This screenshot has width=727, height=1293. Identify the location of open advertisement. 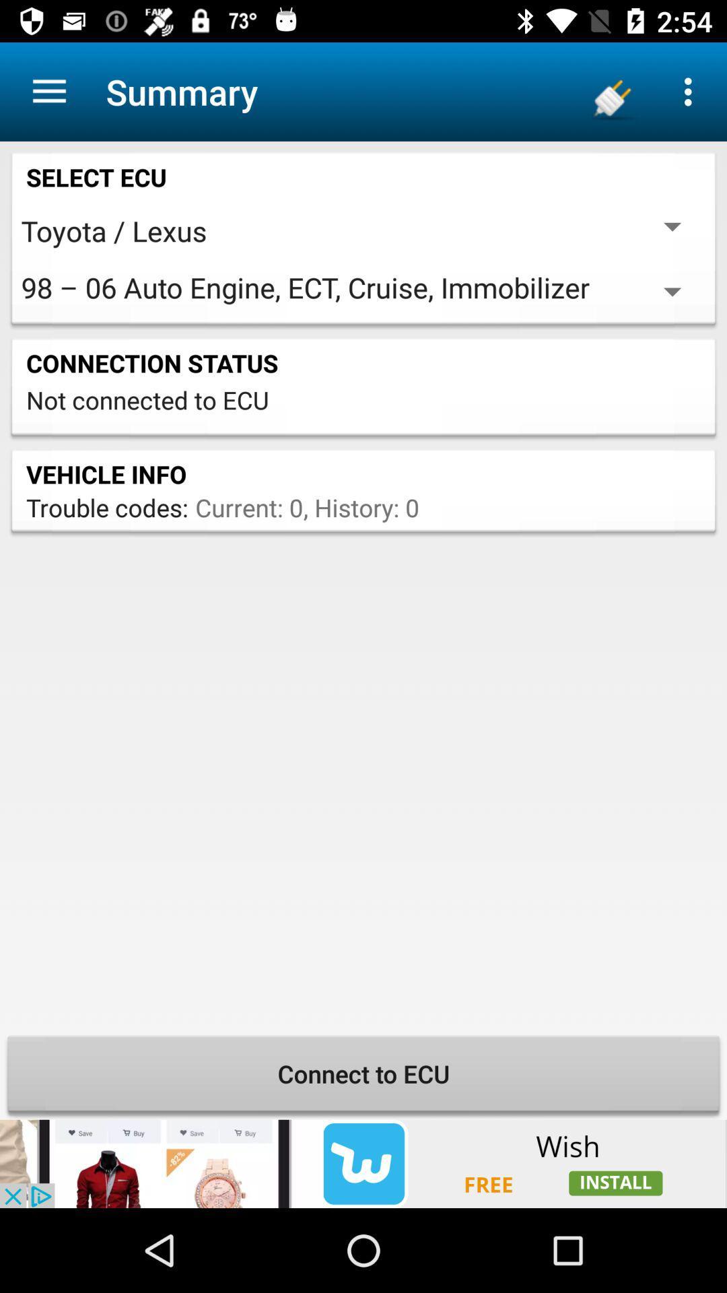
(363, 1163).